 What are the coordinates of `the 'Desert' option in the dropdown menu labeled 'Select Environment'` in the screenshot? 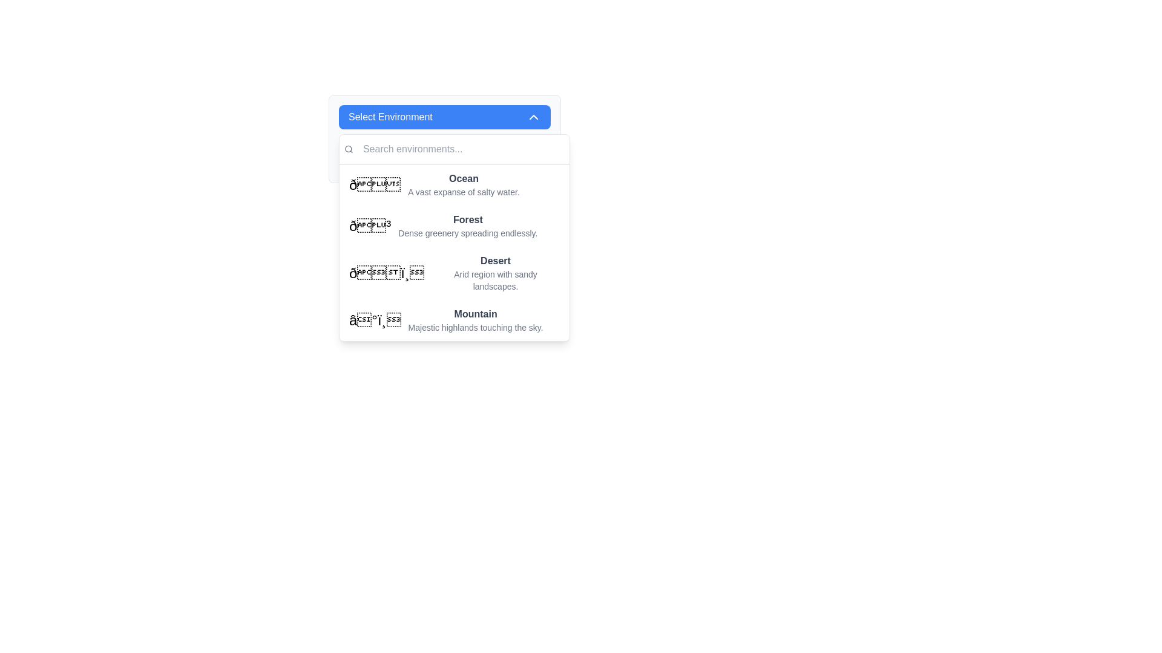 It's located at (496, 273).